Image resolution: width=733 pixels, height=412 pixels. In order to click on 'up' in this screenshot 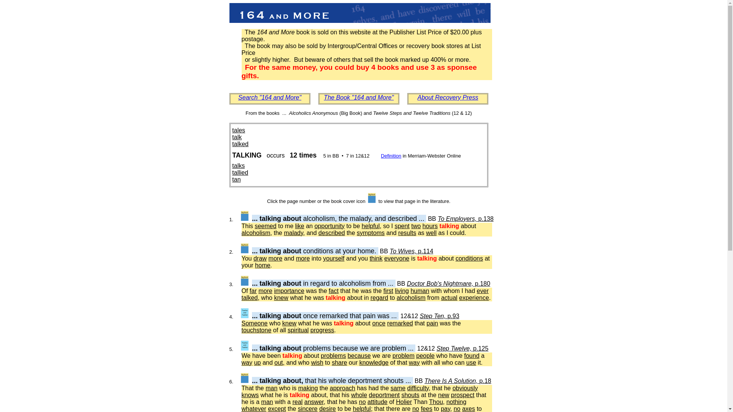, I will do `click(257, 362)`.